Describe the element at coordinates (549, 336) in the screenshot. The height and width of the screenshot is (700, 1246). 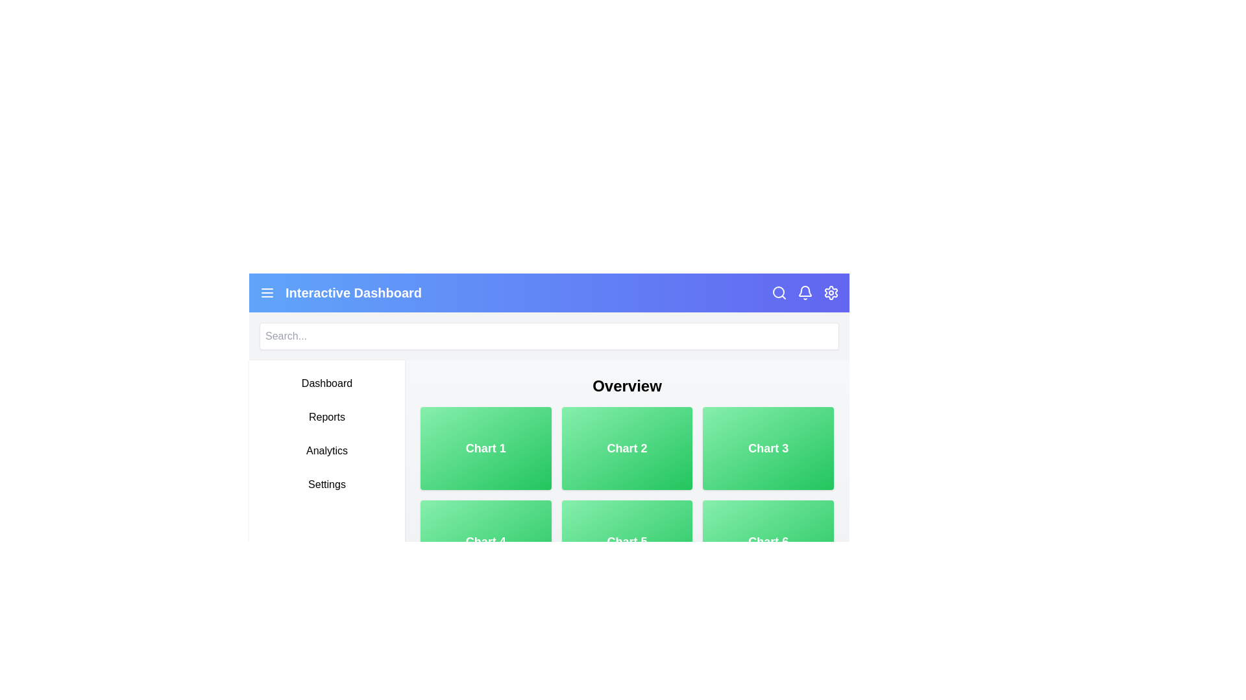
I see `the search input field and type the text 'example'` at that location.